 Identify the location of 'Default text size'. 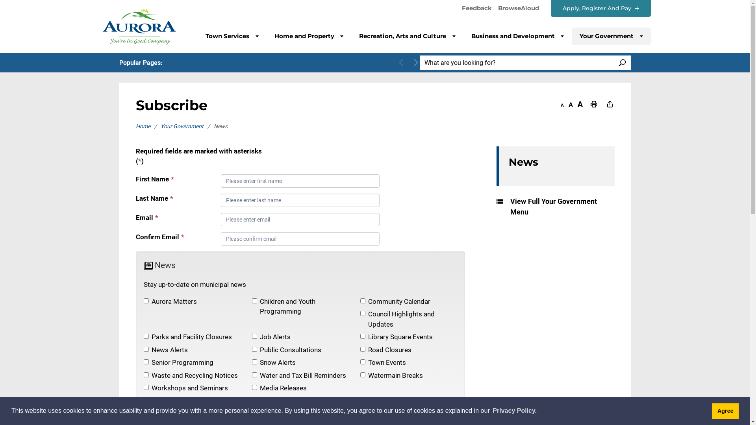
(571, 104).